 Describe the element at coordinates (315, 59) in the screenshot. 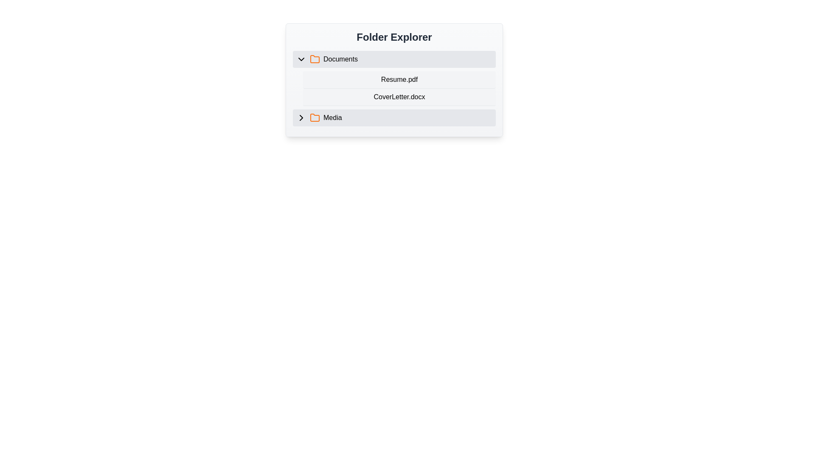

I see `the folder icon representing the 'Documents' label in the file explorer interface to interact with it` at that location.